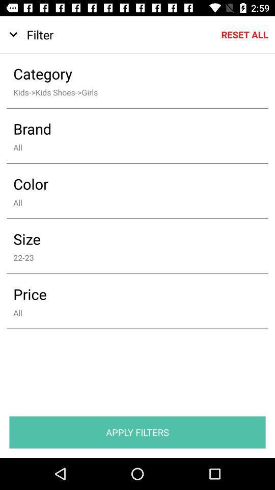  What do you see at coordinates (130, 128) in the screenshot?
I see `item above all` at bounding box center [130, 128].